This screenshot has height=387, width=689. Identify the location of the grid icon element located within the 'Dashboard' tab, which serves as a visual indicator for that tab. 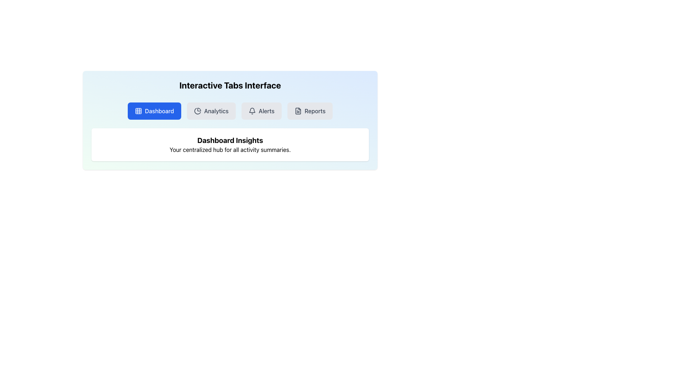
(138, 111).